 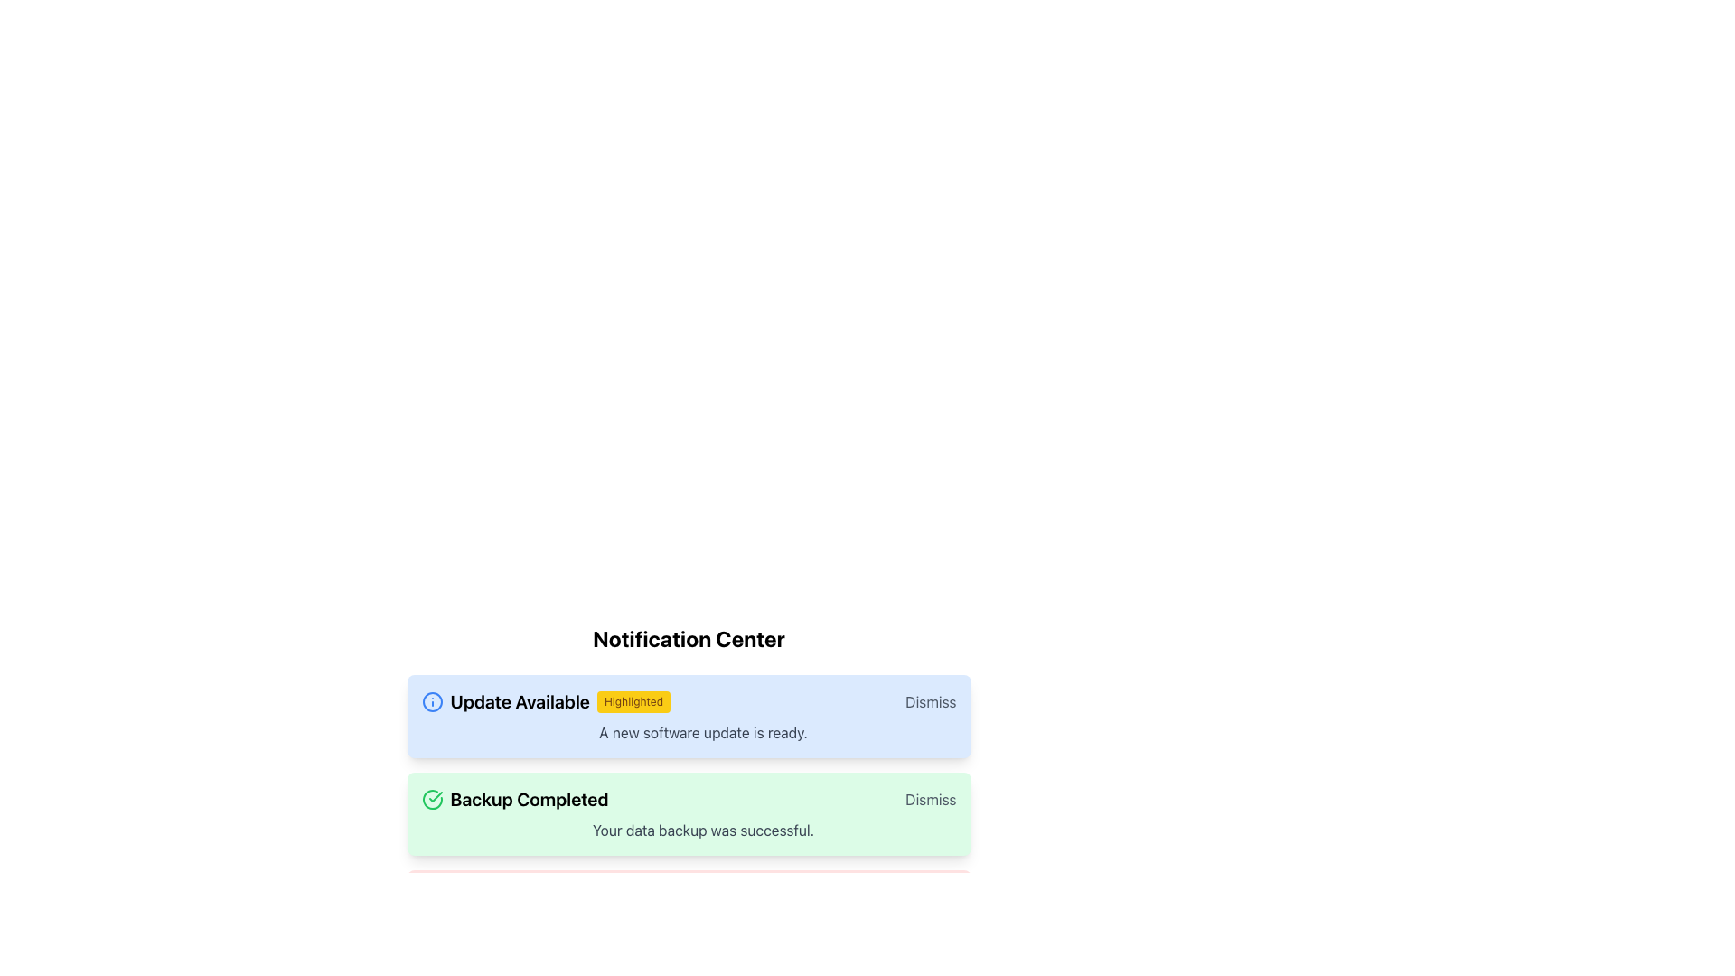 I want to click on success message from the second notification card in the 'Notification Center', which indicates that the data backup process has been successfully completed, so click(x=688, y=814).